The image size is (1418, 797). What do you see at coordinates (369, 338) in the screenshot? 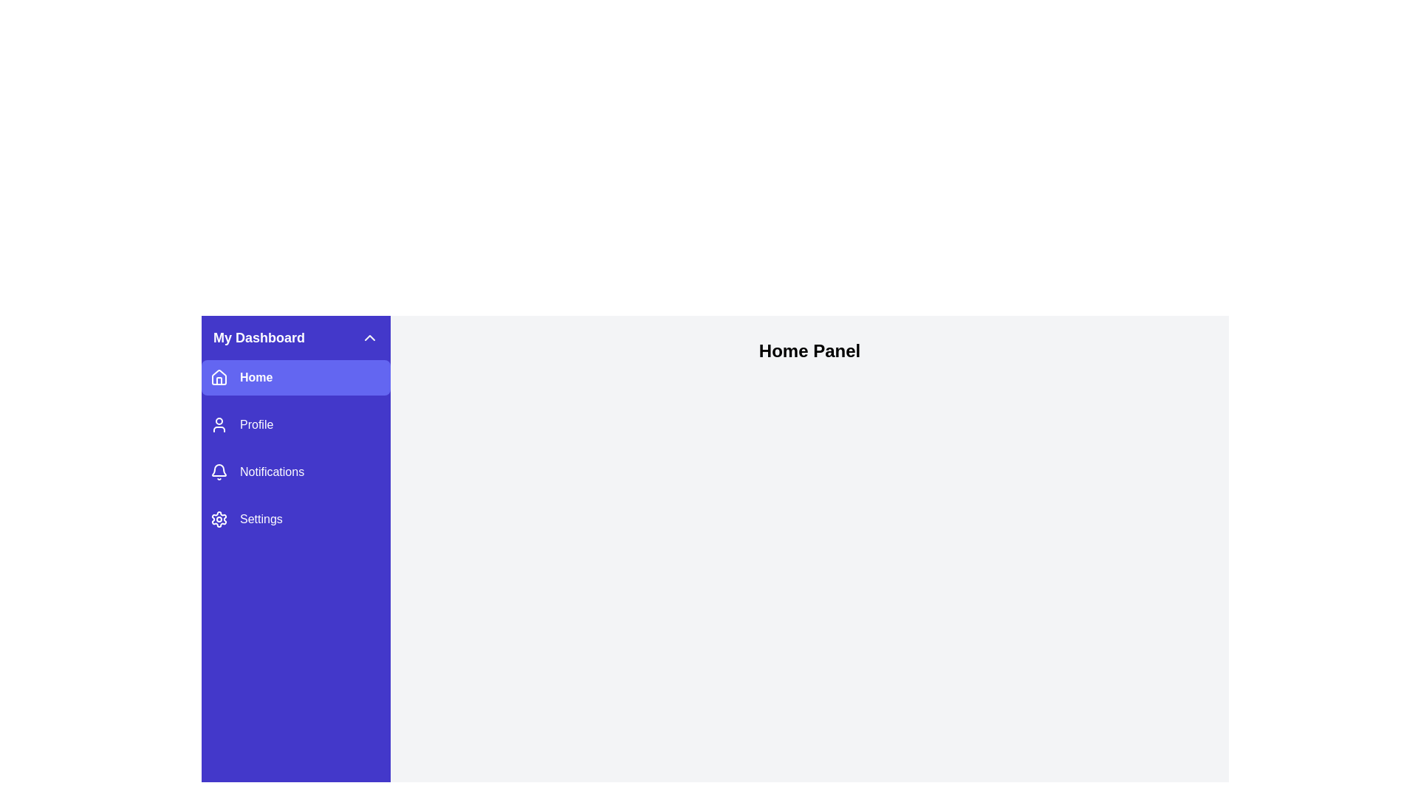
I see `the Dropdown toggle icon located at the right of the 'My Dashboard' text in the sidebar menu` at bounding box center [369, 338].